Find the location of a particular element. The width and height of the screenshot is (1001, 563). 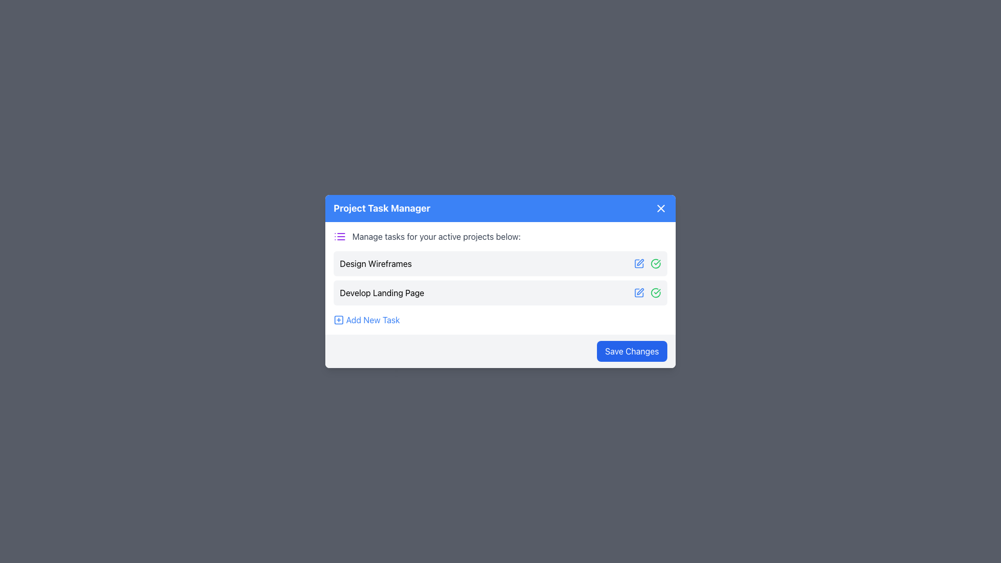

the horizontal group of icons (blue pen for editing and green check for confirming) associated with the task 'Develop Landing Page' is located at coordinates (647, 293).